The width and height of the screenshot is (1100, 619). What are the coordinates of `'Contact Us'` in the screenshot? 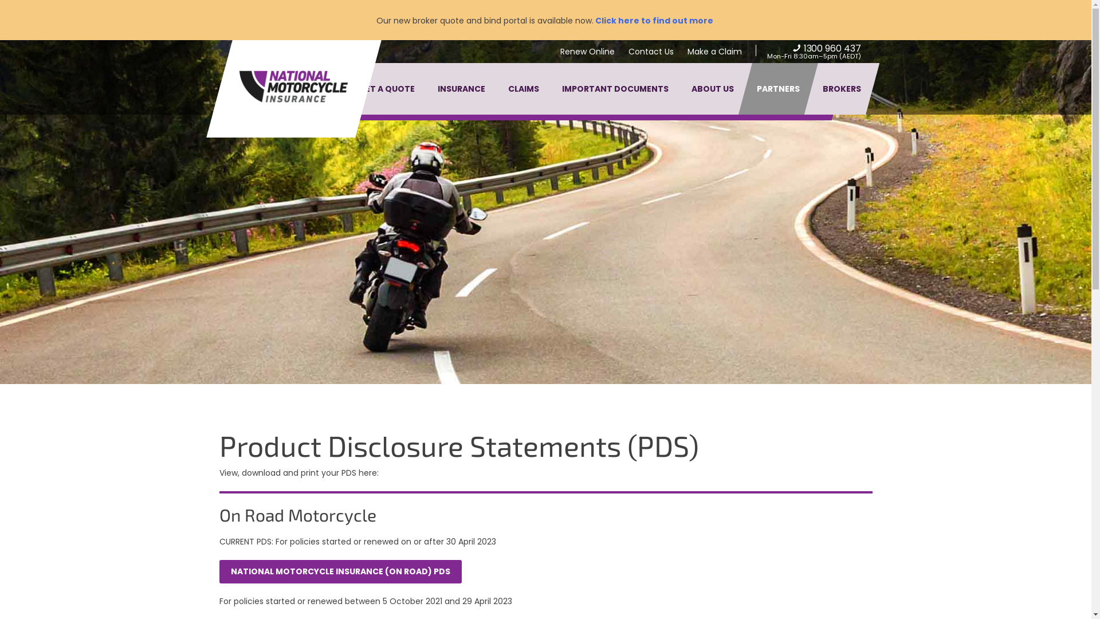 It's located at (650, 50).